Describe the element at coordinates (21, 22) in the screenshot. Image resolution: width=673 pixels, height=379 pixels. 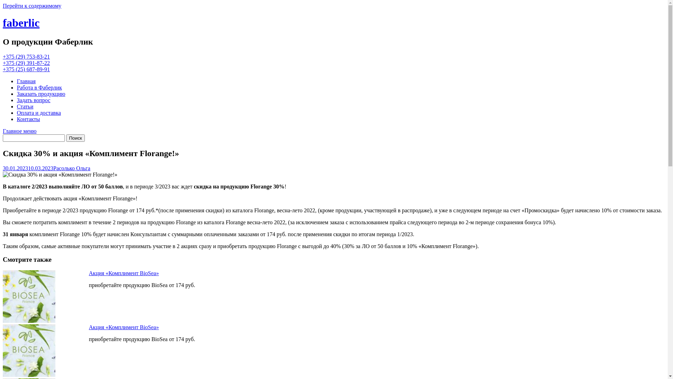
I see `'faberlic'` at that location.